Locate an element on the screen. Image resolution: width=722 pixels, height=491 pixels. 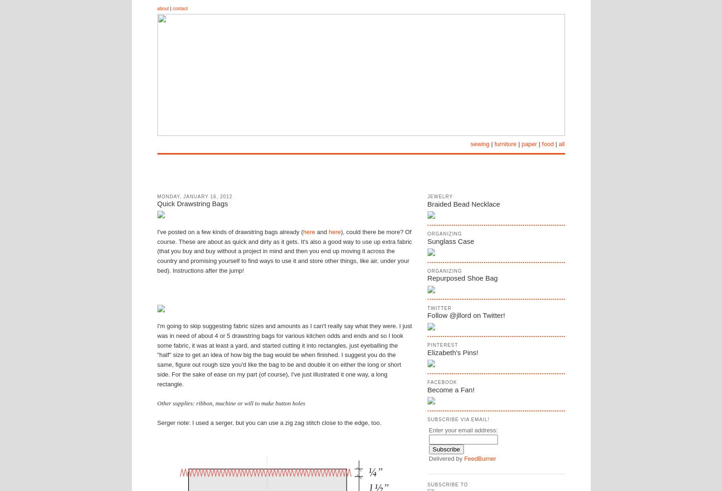
'Subscribe To' is located at coordinates (447, 484).